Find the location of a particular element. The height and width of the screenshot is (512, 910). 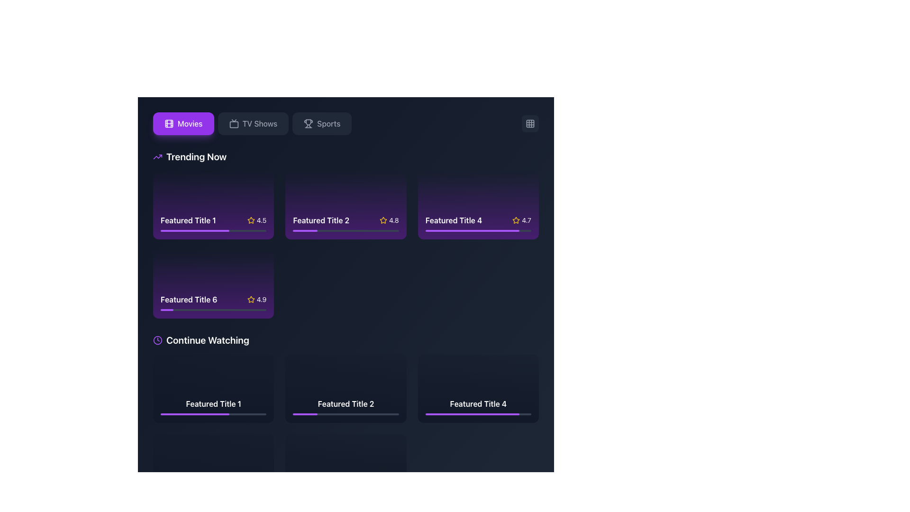

the 'Featured Title 4' content card in the 'Continue Watching' section is located at coordinates (478, 406).